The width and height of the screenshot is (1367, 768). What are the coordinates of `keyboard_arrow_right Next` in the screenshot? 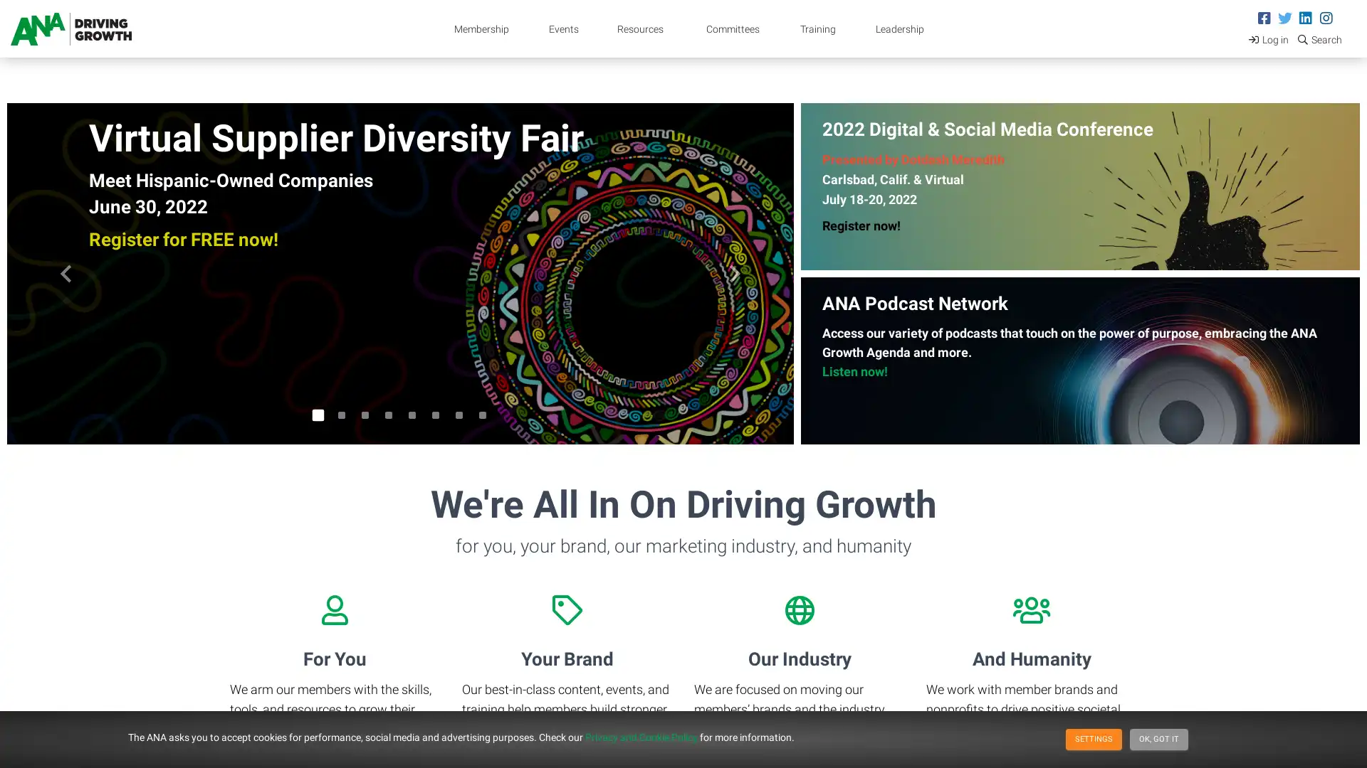 It's located at (734, 274).